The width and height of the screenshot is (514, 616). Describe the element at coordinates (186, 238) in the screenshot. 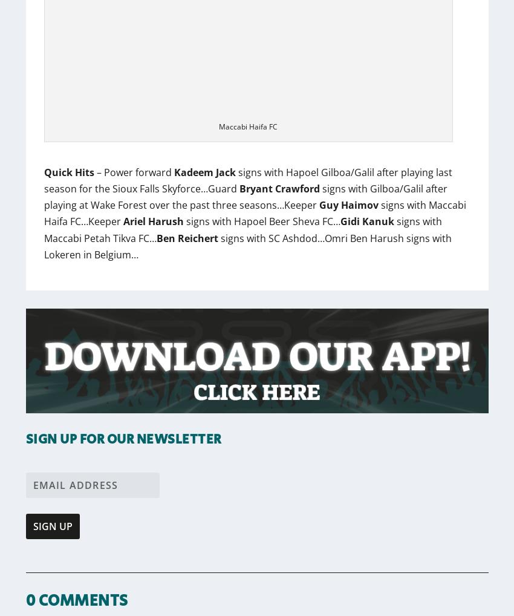

I see `'Ben Reichert'` at that location.